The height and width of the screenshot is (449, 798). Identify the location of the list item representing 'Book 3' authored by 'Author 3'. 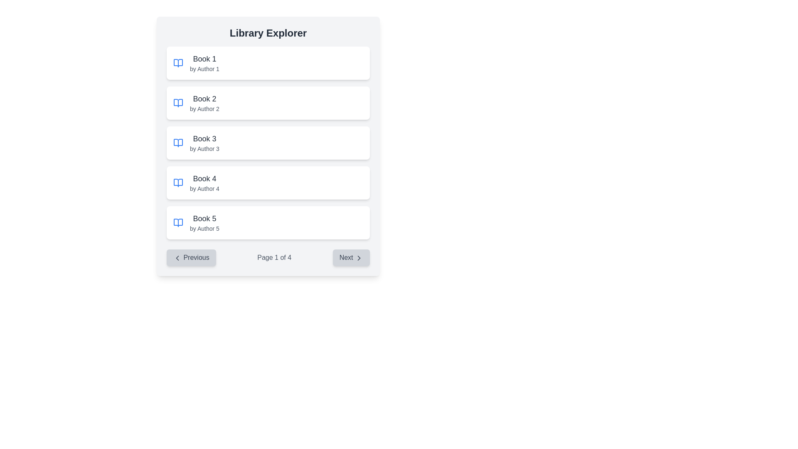
(204, 142).